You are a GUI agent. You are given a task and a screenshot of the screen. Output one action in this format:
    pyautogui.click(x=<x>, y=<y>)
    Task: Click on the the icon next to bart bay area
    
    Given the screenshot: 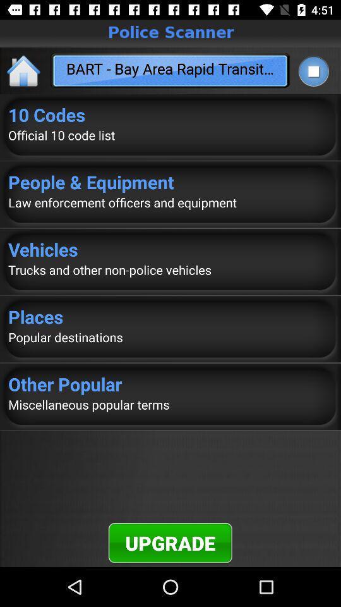 What is the action you would take?
    pyautogui.click(x=24, y=70)
    